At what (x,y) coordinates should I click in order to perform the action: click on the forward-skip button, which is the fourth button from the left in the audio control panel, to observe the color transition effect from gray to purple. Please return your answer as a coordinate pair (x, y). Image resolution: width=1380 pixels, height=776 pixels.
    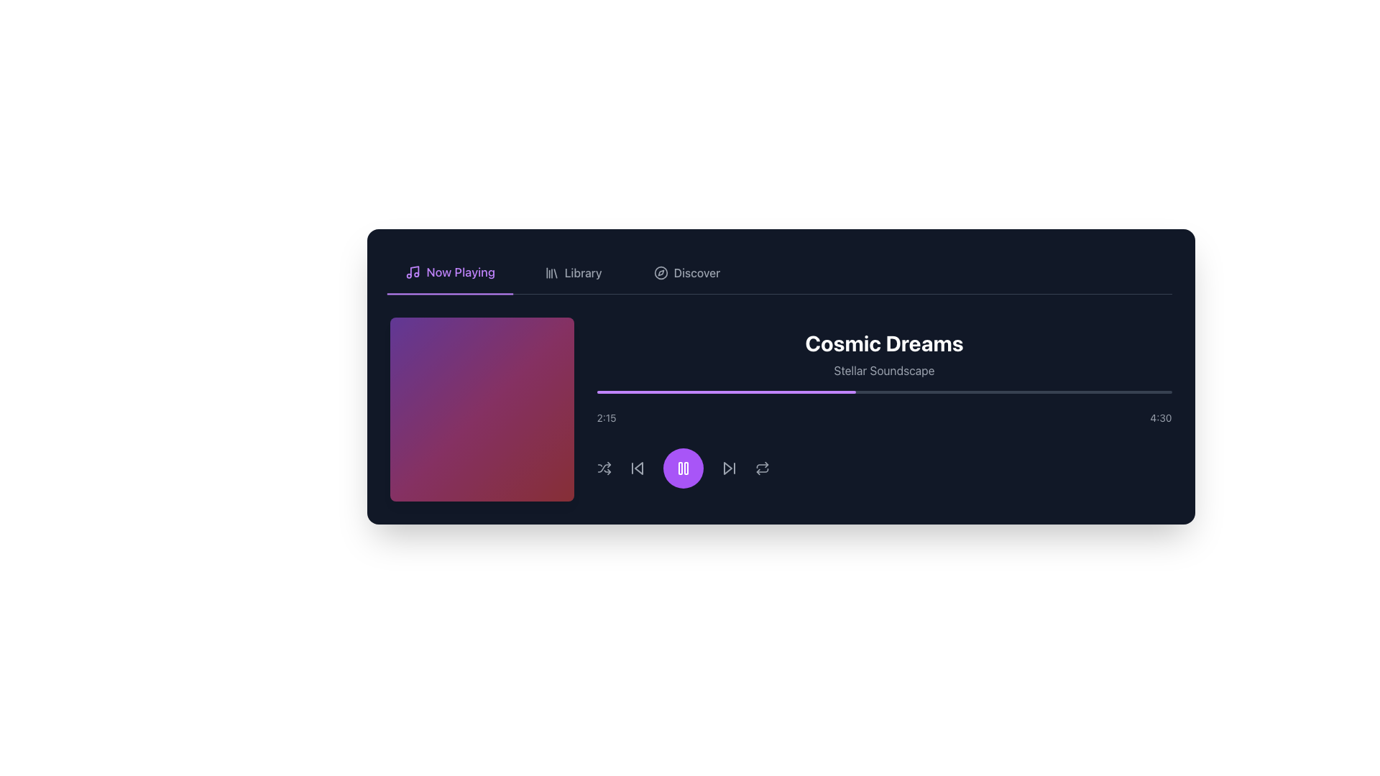
    Looking at the image, I should click on (729, 468).